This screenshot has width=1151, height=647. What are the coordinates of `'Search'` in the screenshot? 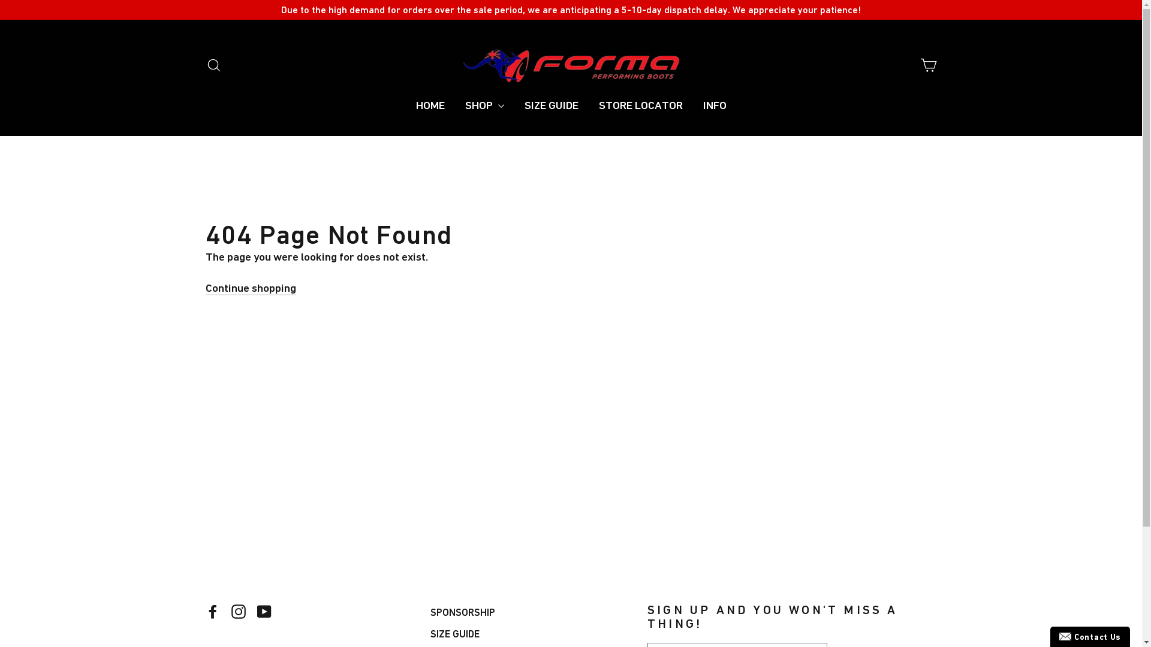 It's located at (213, 65).